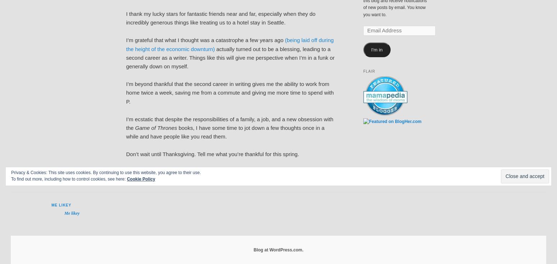  I want to click on 'Replies', so click(208, 170).